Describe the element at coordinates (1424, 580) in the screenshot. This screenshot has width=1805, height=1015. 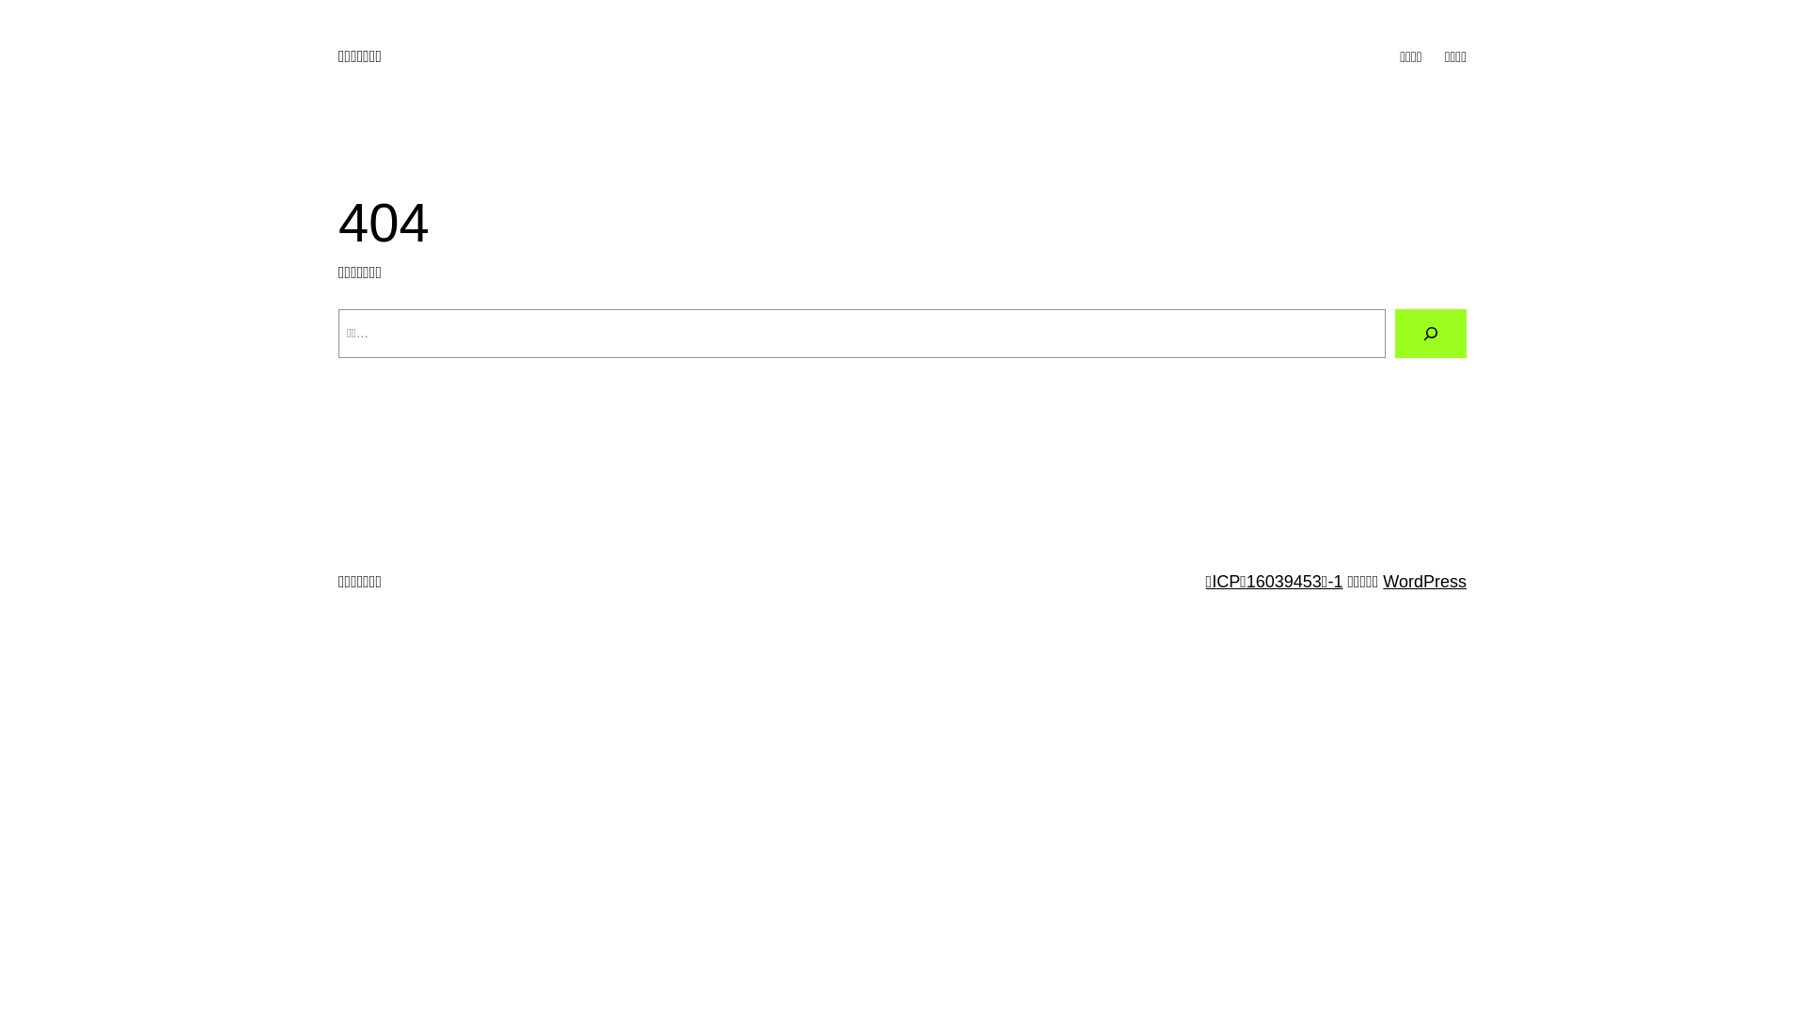
I see `'WordPress'` at that location.